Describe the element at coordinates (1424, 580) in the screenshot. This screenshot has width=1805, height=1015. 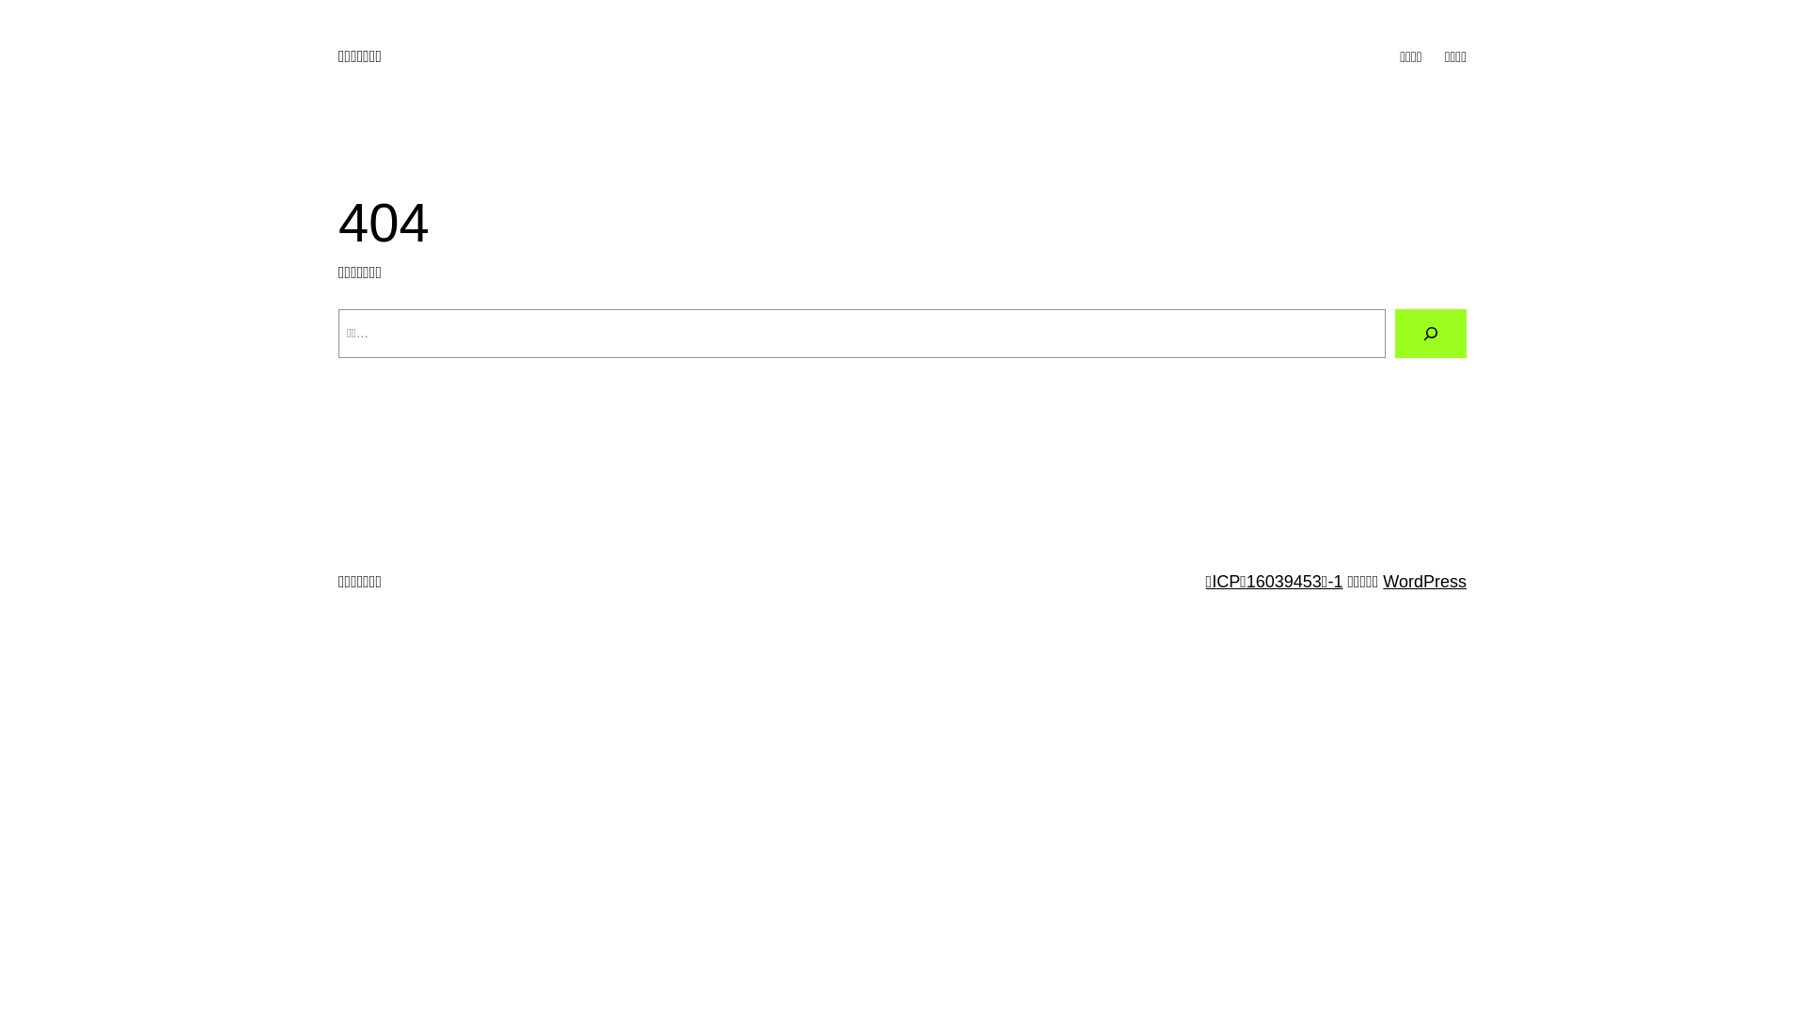
I see `'WordPress'` at that location.